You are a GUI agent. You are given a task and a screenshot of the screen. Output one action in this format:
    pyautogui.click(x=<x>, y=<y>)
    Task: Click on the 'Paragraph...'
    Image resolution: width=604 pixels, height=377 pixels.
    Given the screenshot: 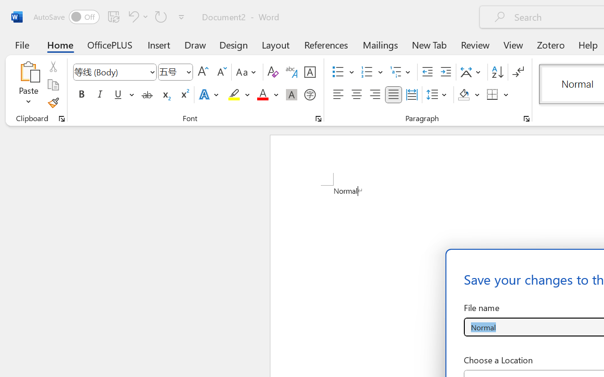 What is the action you would take?
    pyautogui.click(x=526, y=118)
    